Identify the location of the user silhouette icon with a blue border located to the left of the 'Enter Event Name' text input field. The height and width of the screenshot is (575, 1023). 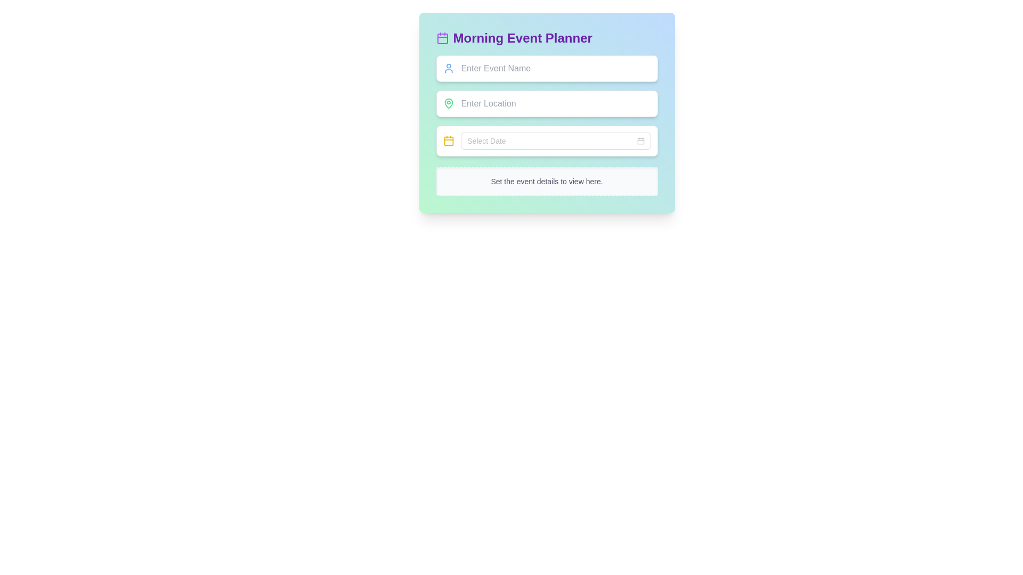
(449, 68).